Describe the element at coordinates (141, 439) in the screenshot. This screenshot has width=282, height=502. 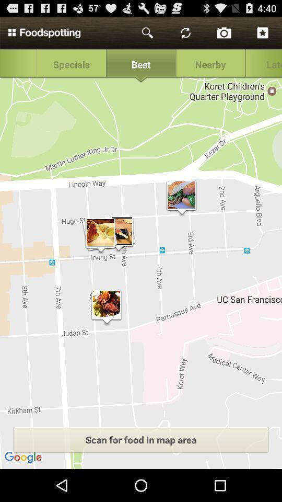
I see `scan for food item` at that location.